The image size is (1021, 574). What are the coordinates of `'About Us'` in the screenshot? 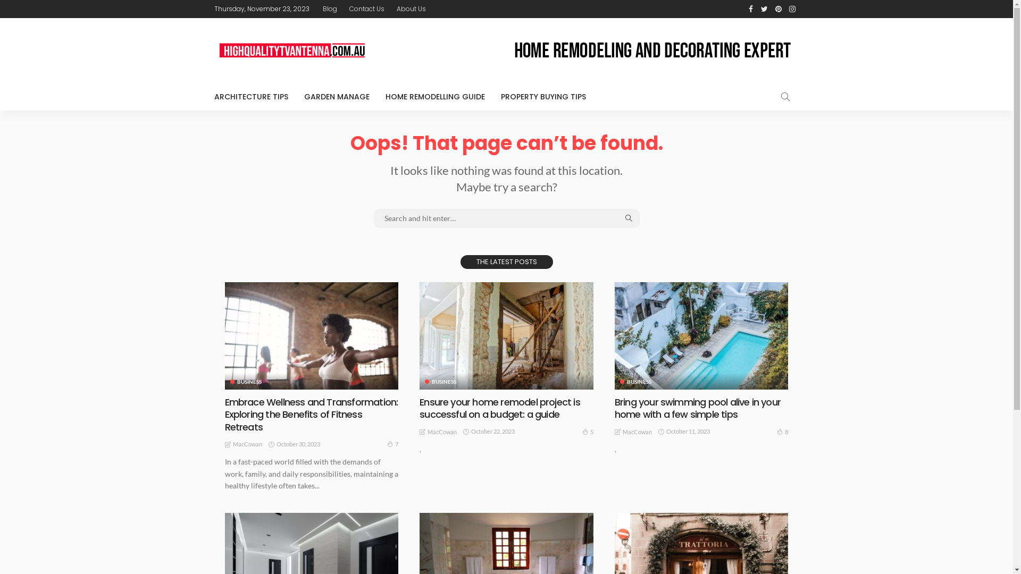 It's located at (411, 9).